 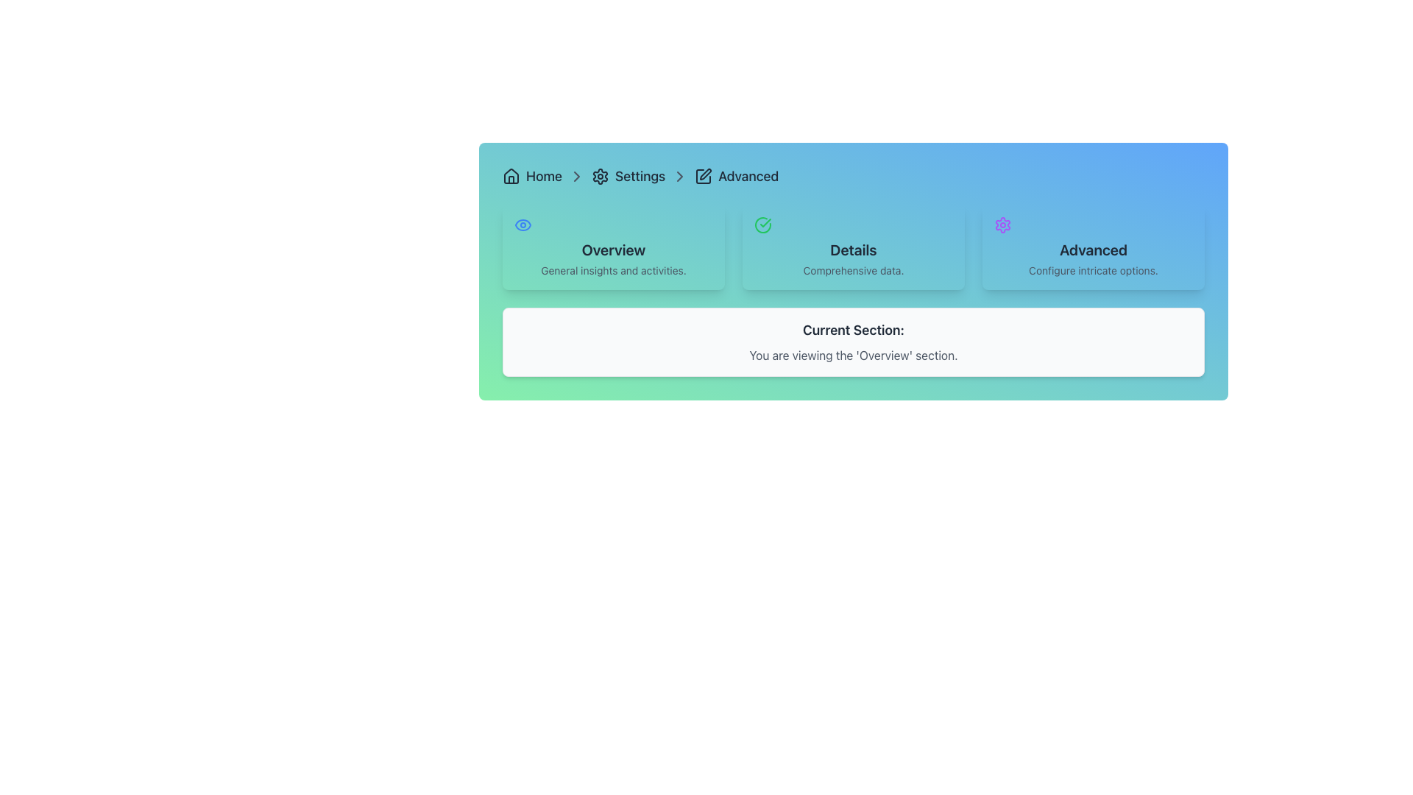 What do you see at coordinates (640, 175) in the screenshot?
I see `the 'Settings' hyperlink located in the navigation bar, which is styled with a medium font and has a hover underline effect` at bounding box center [640, 175].